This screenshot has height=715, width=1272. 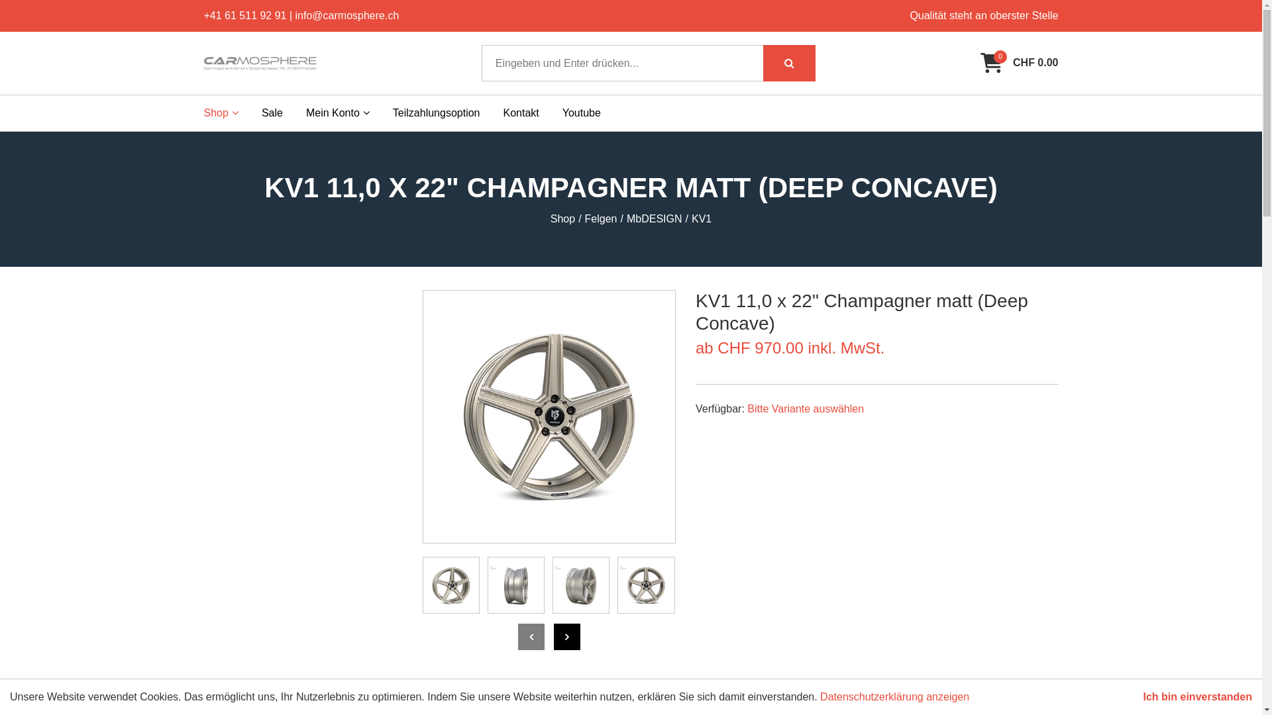 What do you see at coordinates (221, 112) in the screenshot?
I see `'Shop'` at bounding box center [221, 112].